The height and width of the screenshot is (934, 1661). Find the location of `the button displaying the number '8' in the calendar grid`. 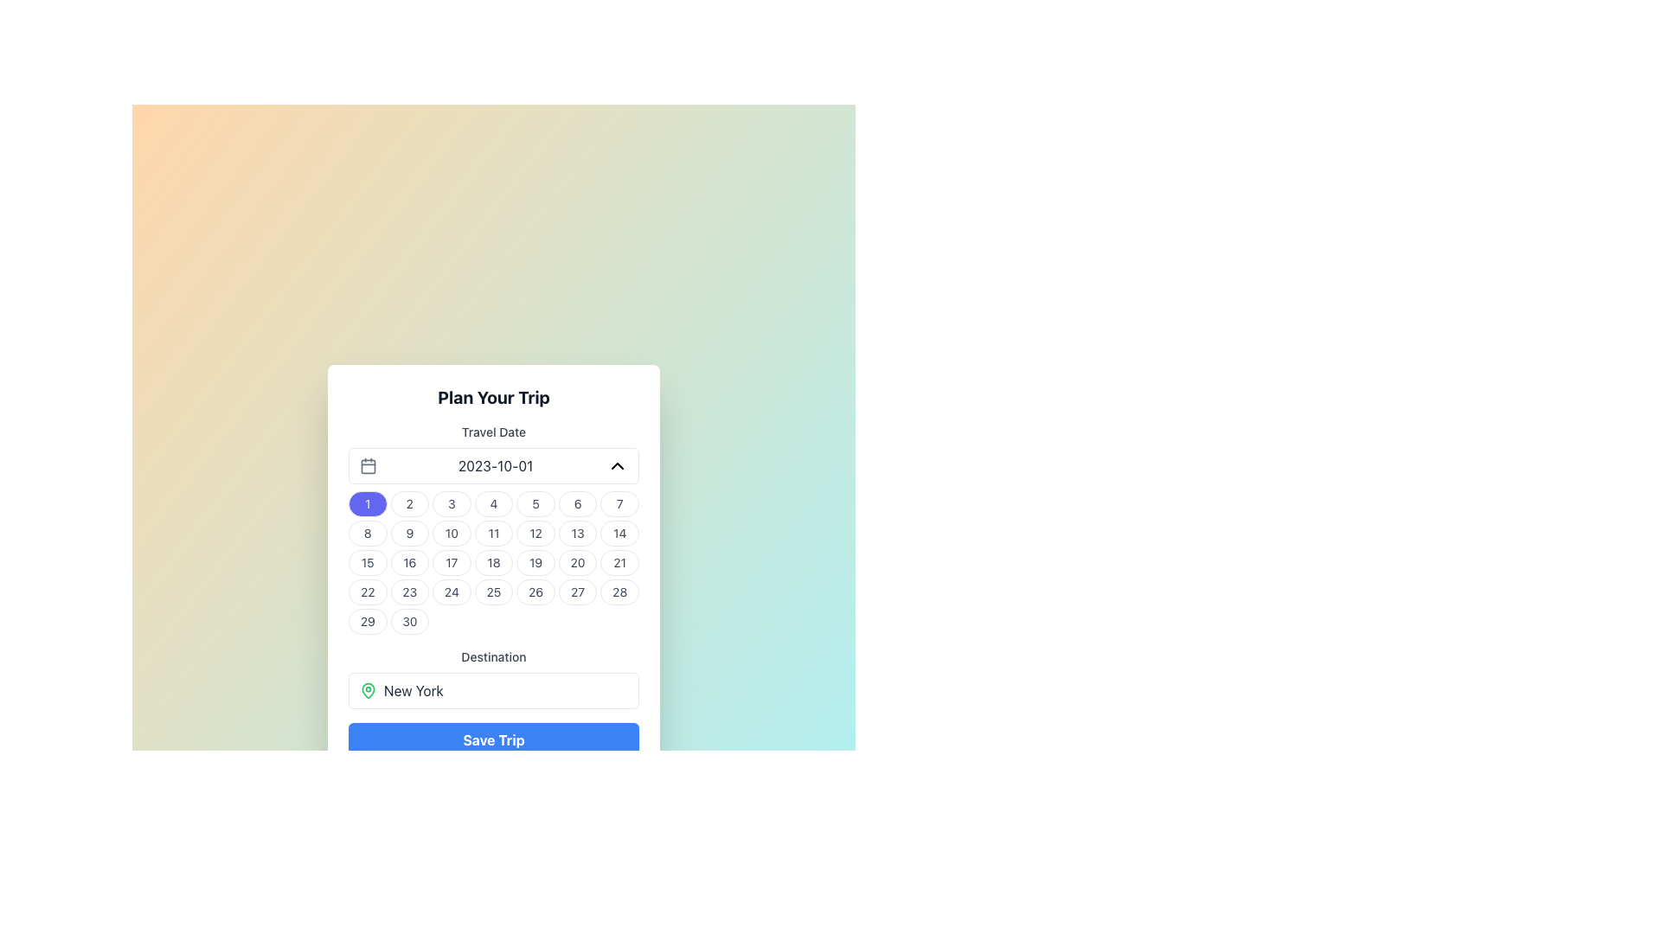

the button displaying the number '8' in the calendar grid is located at coordinates (367, 533).